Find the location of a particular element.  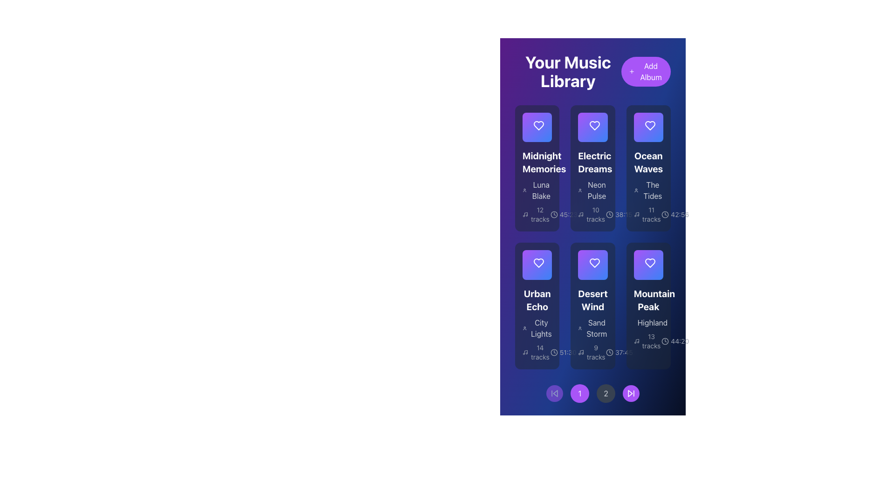

the text label that serves as a subheading for the 'Mountain Peak' album card, located at the bottom right corner of the album item is located at coordinates (652, 322).